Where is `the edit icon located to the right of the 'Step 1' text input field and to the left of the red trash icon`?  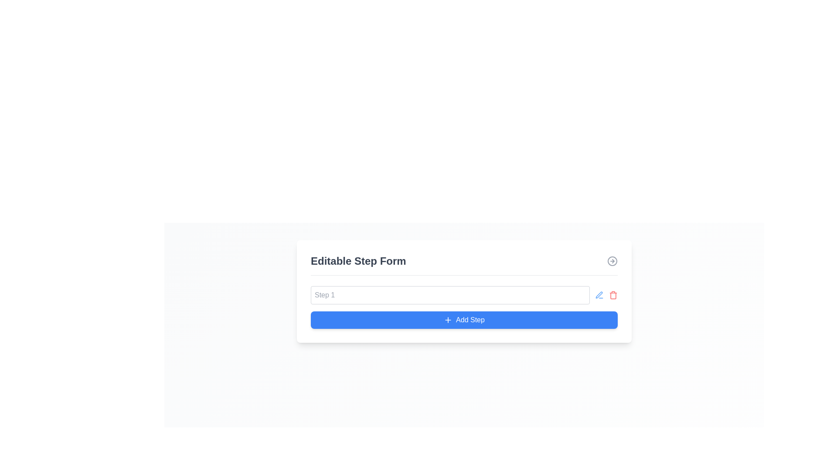 the edit icon located to the right of the 'Step 1' text input field and to the left of the red trash icon is located at coordinates (599, 295).